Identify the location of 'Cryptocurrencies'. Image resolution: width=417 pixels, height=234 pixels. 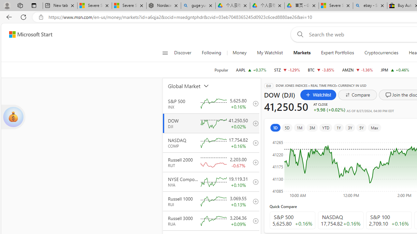
(381, 53).